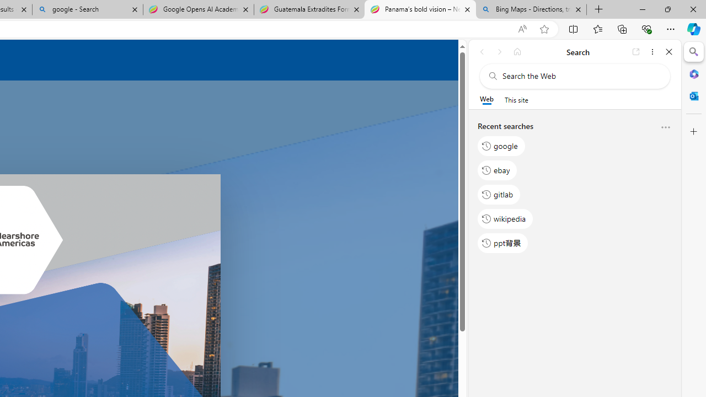  I want to click on 'Microsoft 365', so click(693, 73).